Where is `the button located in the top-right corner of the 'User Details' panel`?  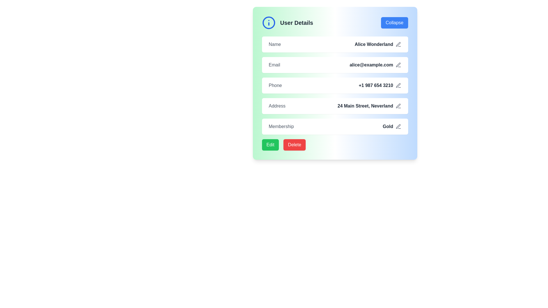
the button located in the top-right corner of the 'User Details' panel is located at coordinates (394, 23).